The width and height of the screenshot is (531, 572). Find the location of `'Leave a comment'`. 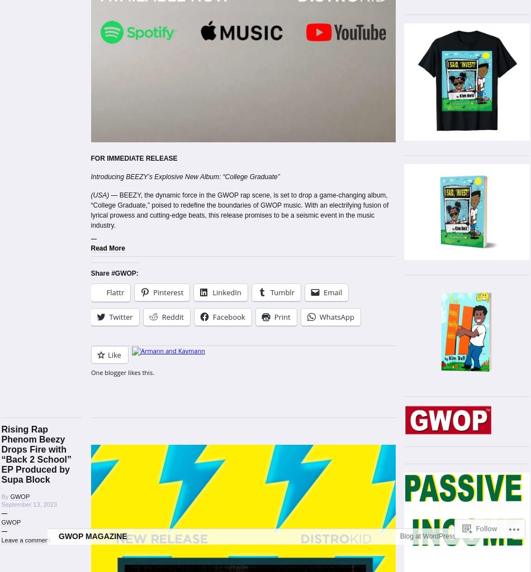

'Leave a comment' is located at coordinates (25, 540).